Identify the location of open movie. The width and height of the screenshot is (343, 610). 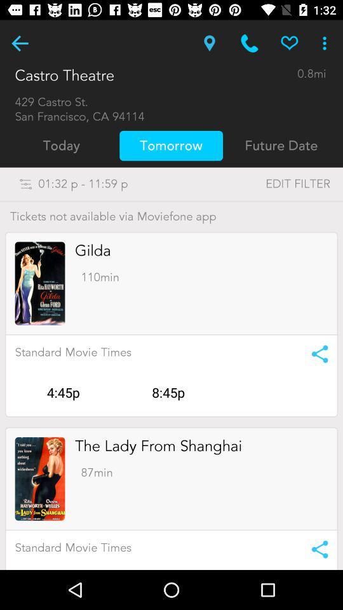
(40, 478).